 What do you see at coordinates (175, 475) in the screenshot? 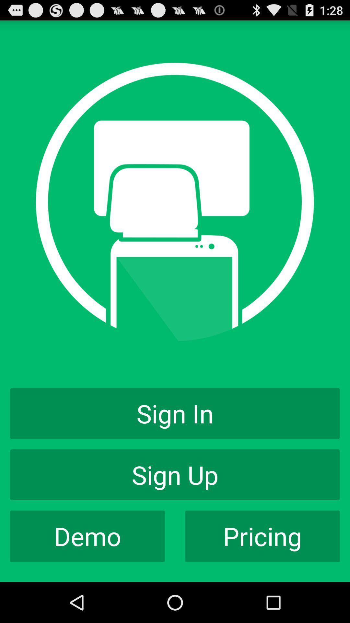
I see `sign up icon` at bounding box center [175, 475].